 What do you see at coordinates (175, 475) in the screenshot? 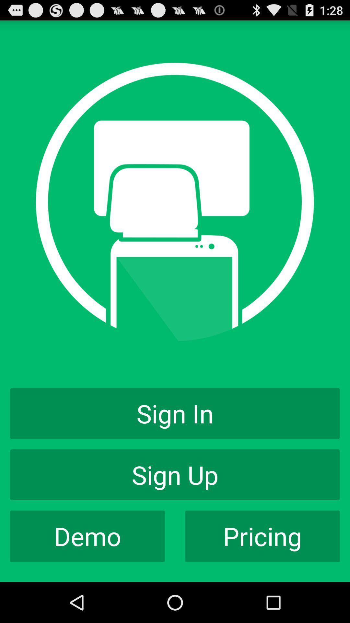
I see `sign up icon` at bounding box center [175, 475].